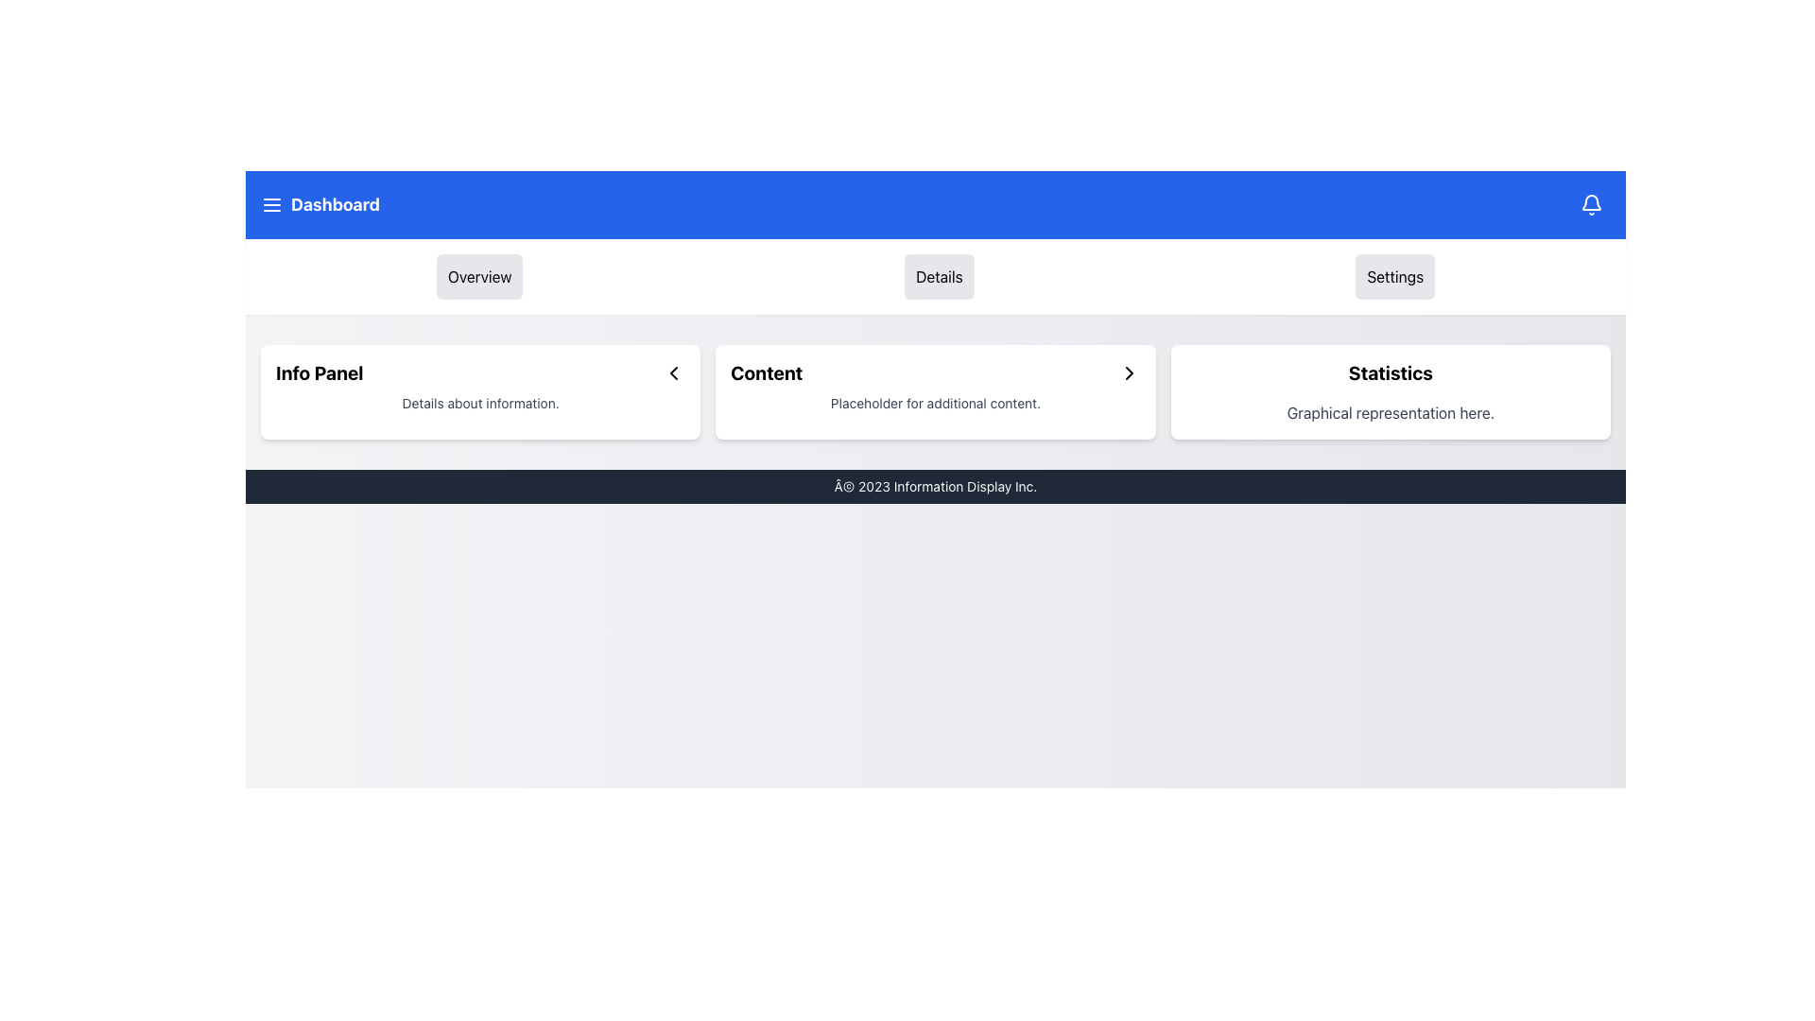 The image size is (1815, 1021). What do you see at coordinates (479, 277) in the screenshot?
I see `the 'Overview' button, which is a rectangular button with rounded corners and a light gray background, located to the left of the 'Details' button in the top section of the interface` at bounding box center [479, 277].